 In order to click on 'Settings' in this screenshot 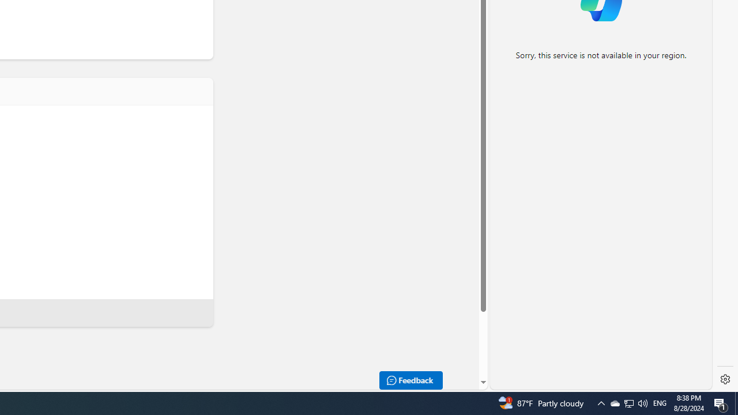, I will do `click(725, 379)`.